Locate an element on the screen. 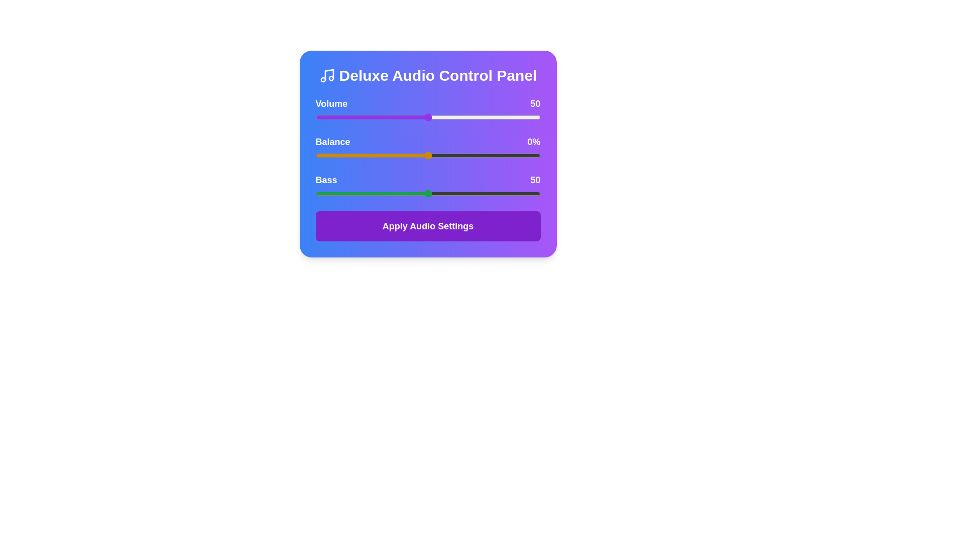 This screenshot has height=542, width=964. balance is located at coordinates (344, 155).